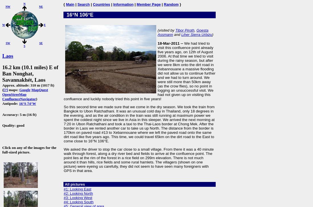 This screenshot has height=207, width=313. I want to click on 'Member Page', so click(148, 4).